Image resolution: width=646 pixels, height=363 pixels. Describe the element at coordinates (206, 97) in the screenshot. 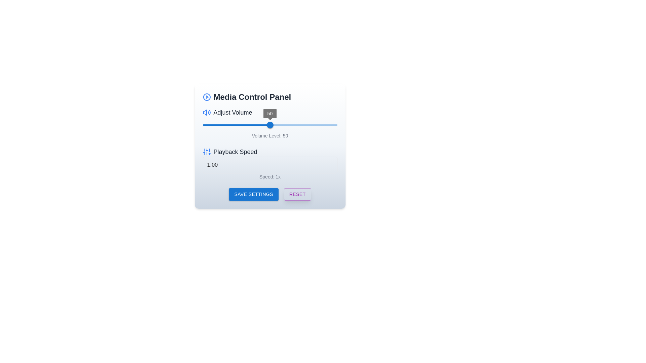

I see `the circular outline of the play button icon, which is styled in blue and located in the upper-left of the Media Control Panel header area` at that location.